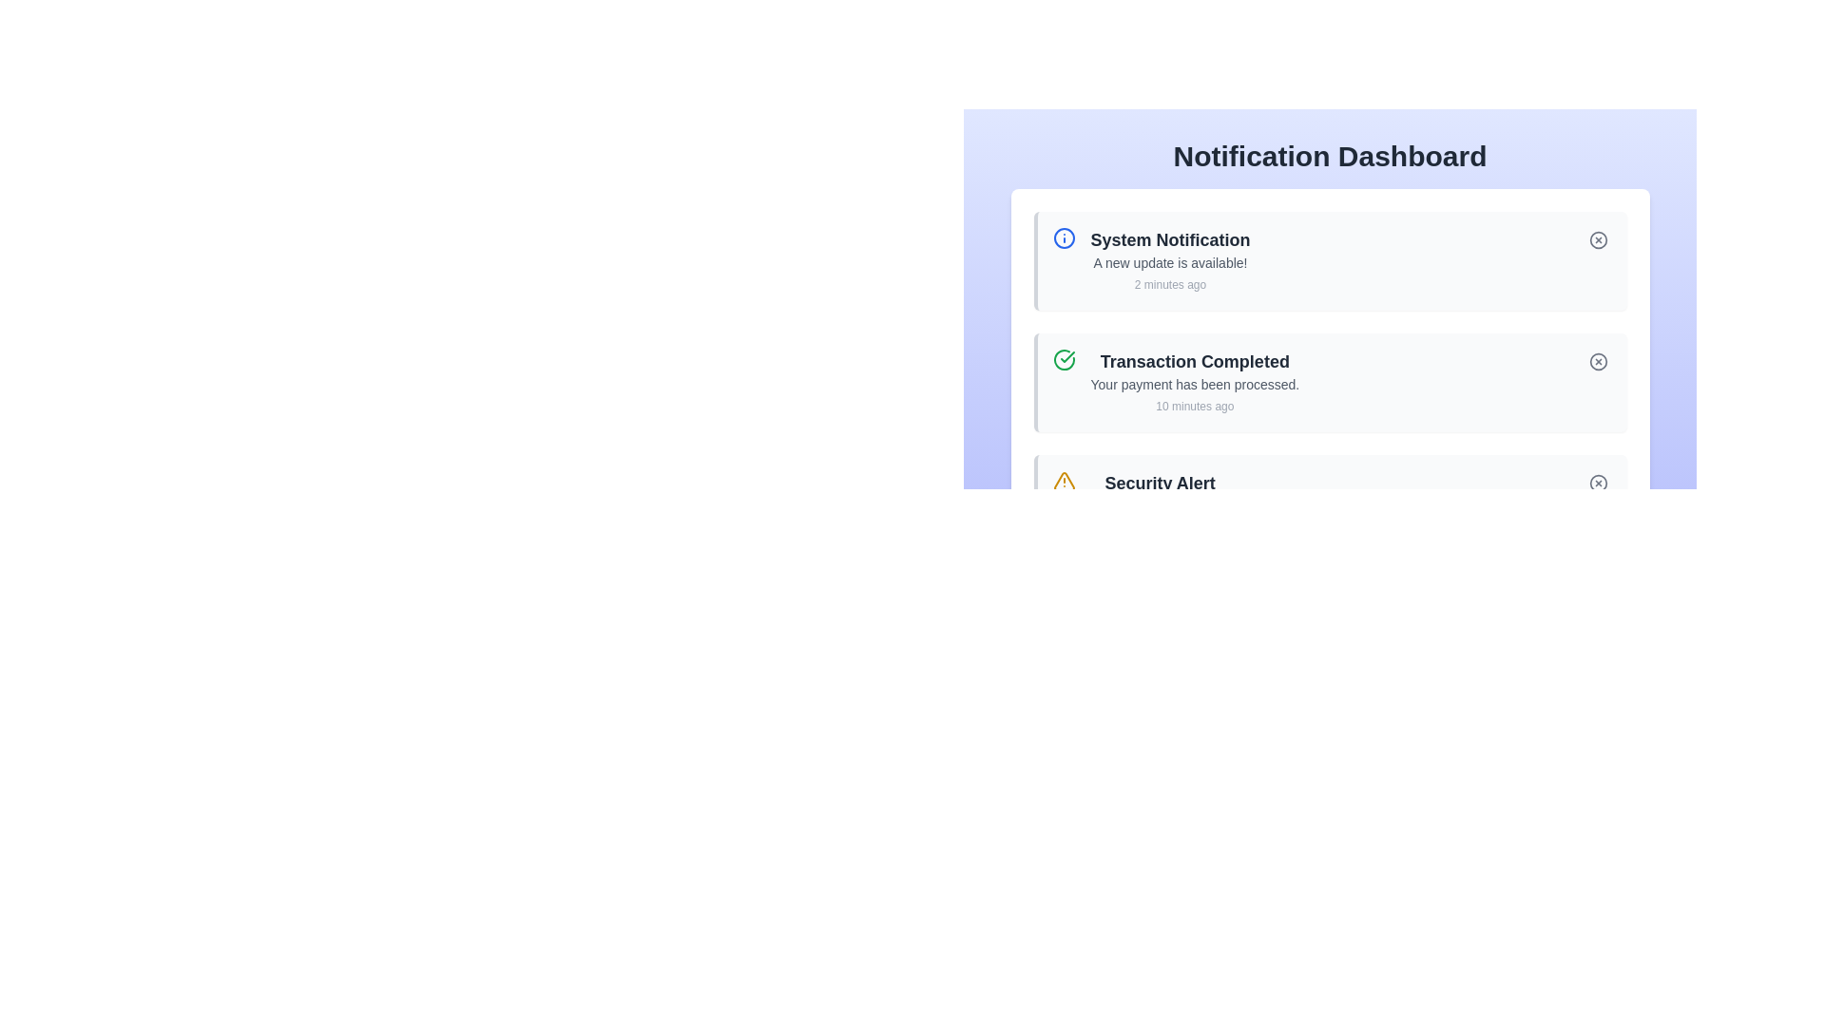 The image size is (1825, 1026). What do you see at coordinates (1194, 406) in the screenshot?
I see `the text label displaying '10 minutes ago' which is styled in a small font size and located beneath the 'Transaction Completed' notification card` at bounding box center [1194, 406].